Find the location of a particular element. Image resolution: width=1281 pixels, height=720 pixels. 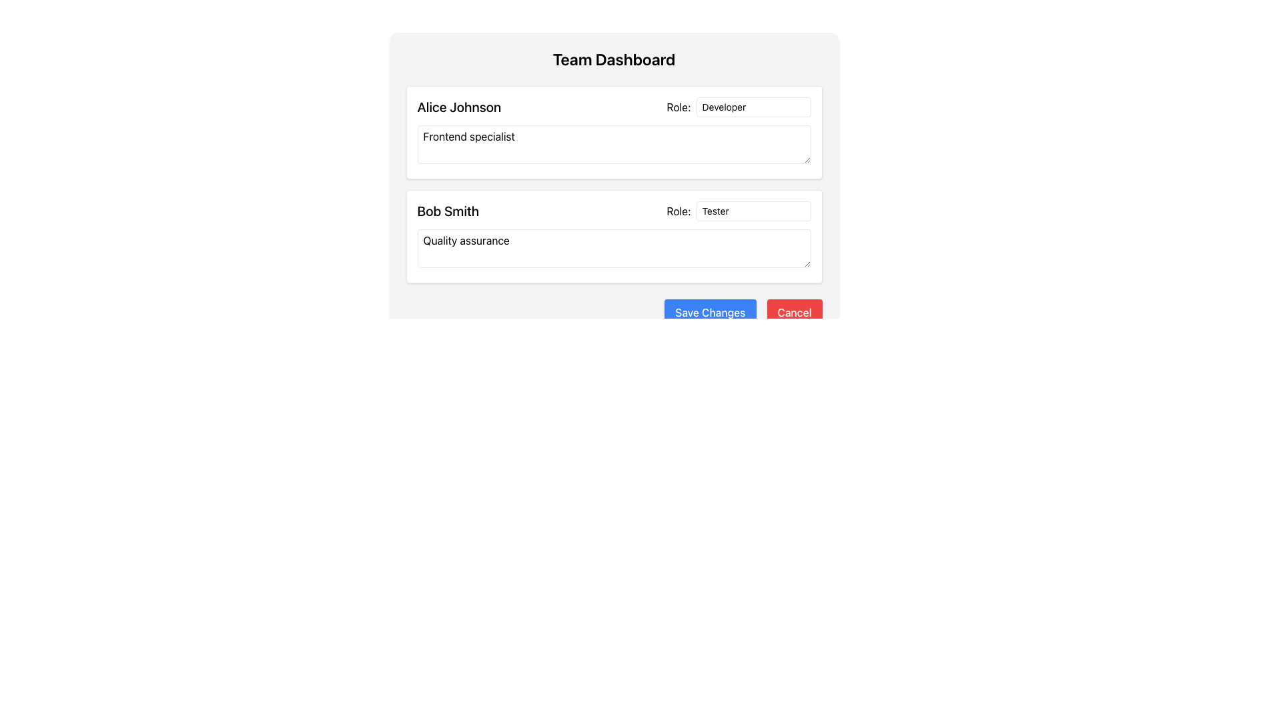

the Text Label displaying the name of a team member in the dashboard, which is positioned to the left of the 'Role:' text and input elements is located at coordinates (448, 210).